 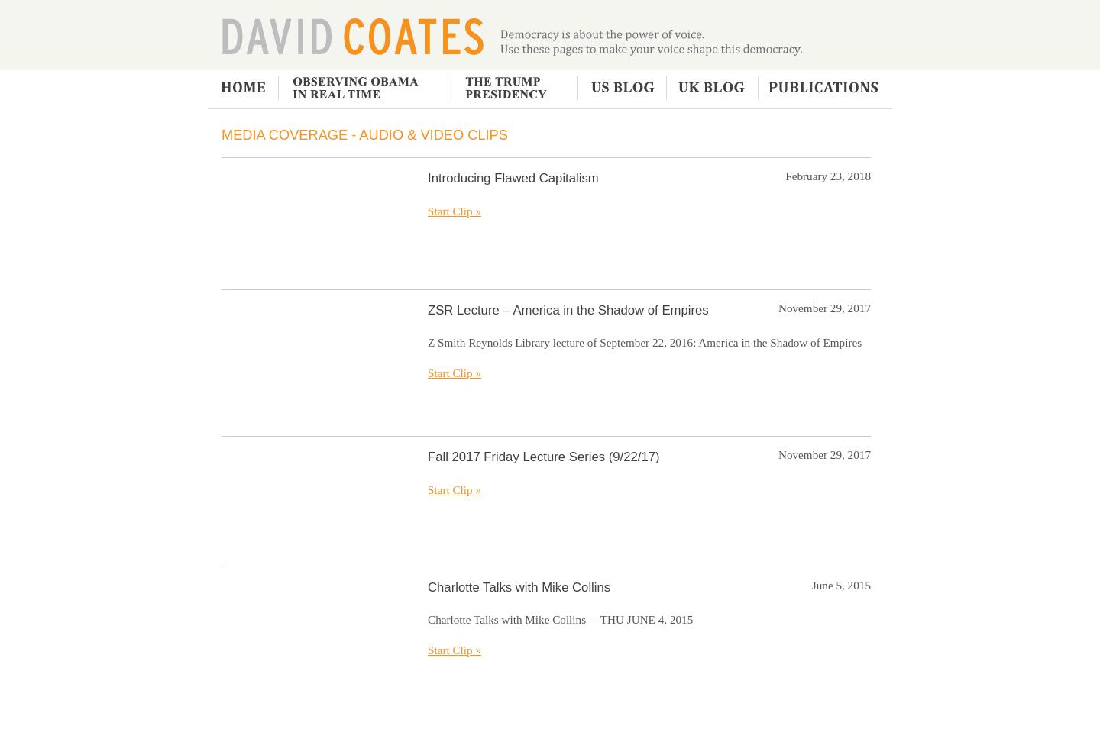 What do you see at coordinates (428, 341) in the screenshot?
I see `'Z Smith Reynolds Library lecture of September 22, 2016: America in the Shadow of Empires'` at bounding box center [428, 341].